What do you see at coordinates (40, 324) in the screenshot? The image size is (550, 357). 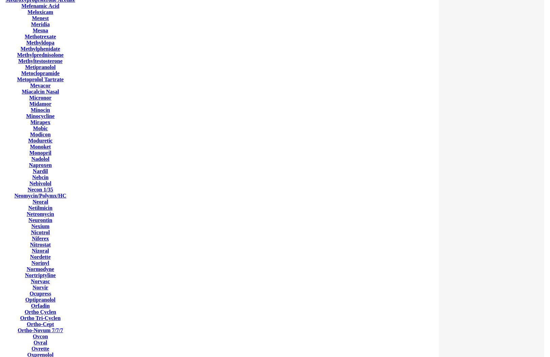 I see `'Ortho-Cept'` at bounding box center [40, 324].